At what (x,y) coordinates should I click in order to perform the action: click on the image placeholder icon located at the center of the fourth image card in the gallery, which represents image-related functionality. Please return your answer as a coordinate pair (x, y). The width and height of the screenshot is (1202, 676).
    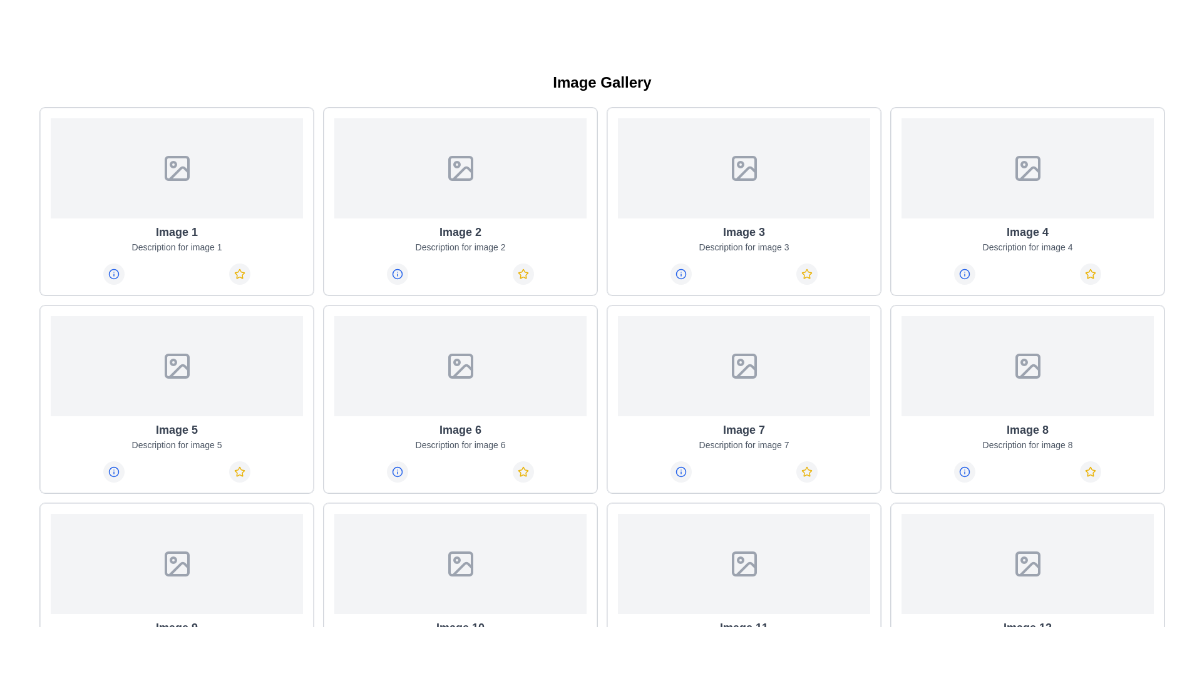
    Looking at the image, I should click on (1027, 168).